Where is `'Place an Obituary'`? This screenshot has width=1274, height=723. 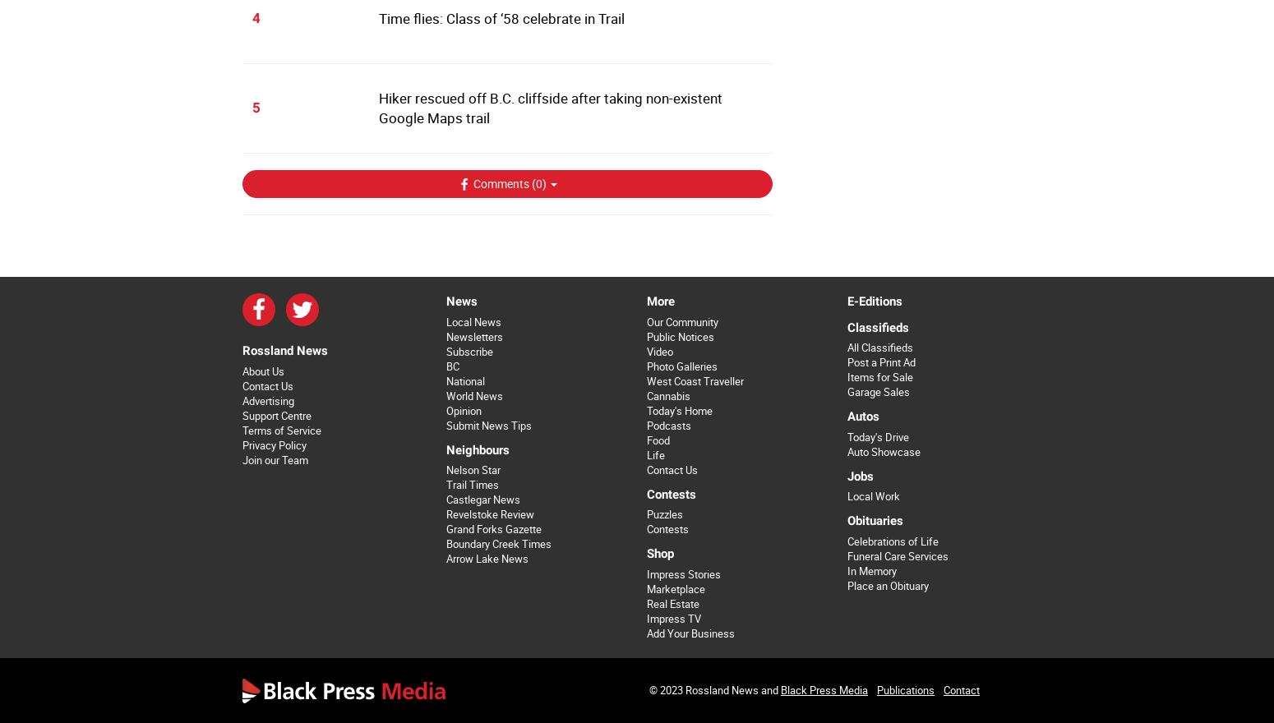 'Place an Obituary' is located at coordinates (887, 585).